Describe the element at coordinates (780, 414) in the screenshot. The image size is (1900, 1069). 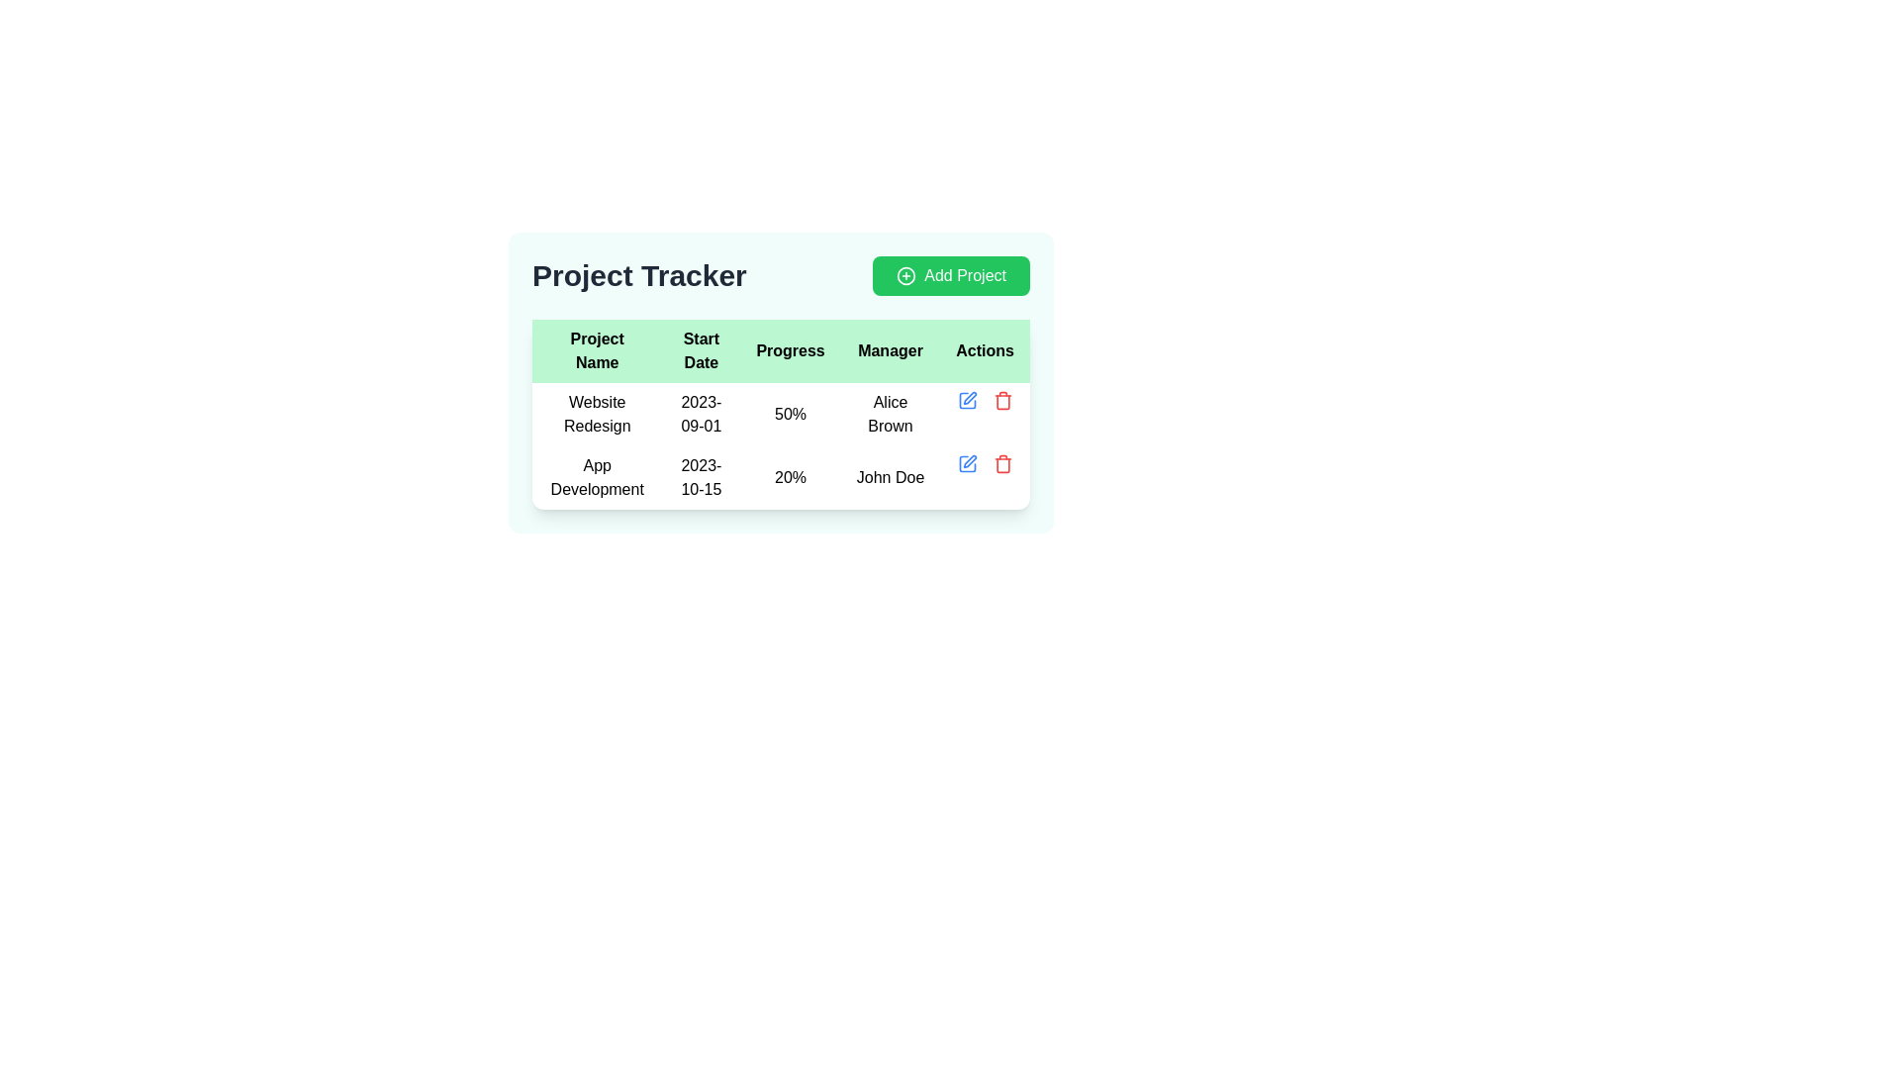
I see `the clickable content within the rows of the project details table located centrally below the 'Project Tracker' title and to the right of the 'Add Project' button` at that location.